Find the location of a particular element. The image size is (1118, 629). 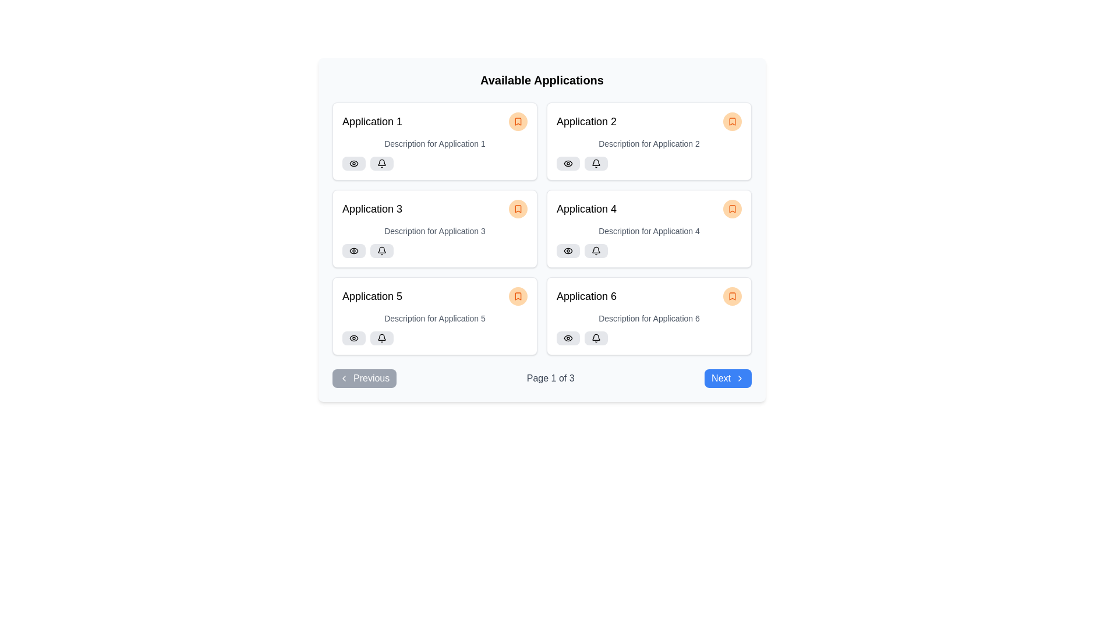

the small graphic resembling part of an eye's outline, which is located in the footer row of the 'Application 6' card in the bottom-right sector of the grid view is located at coordinates (568, 338).